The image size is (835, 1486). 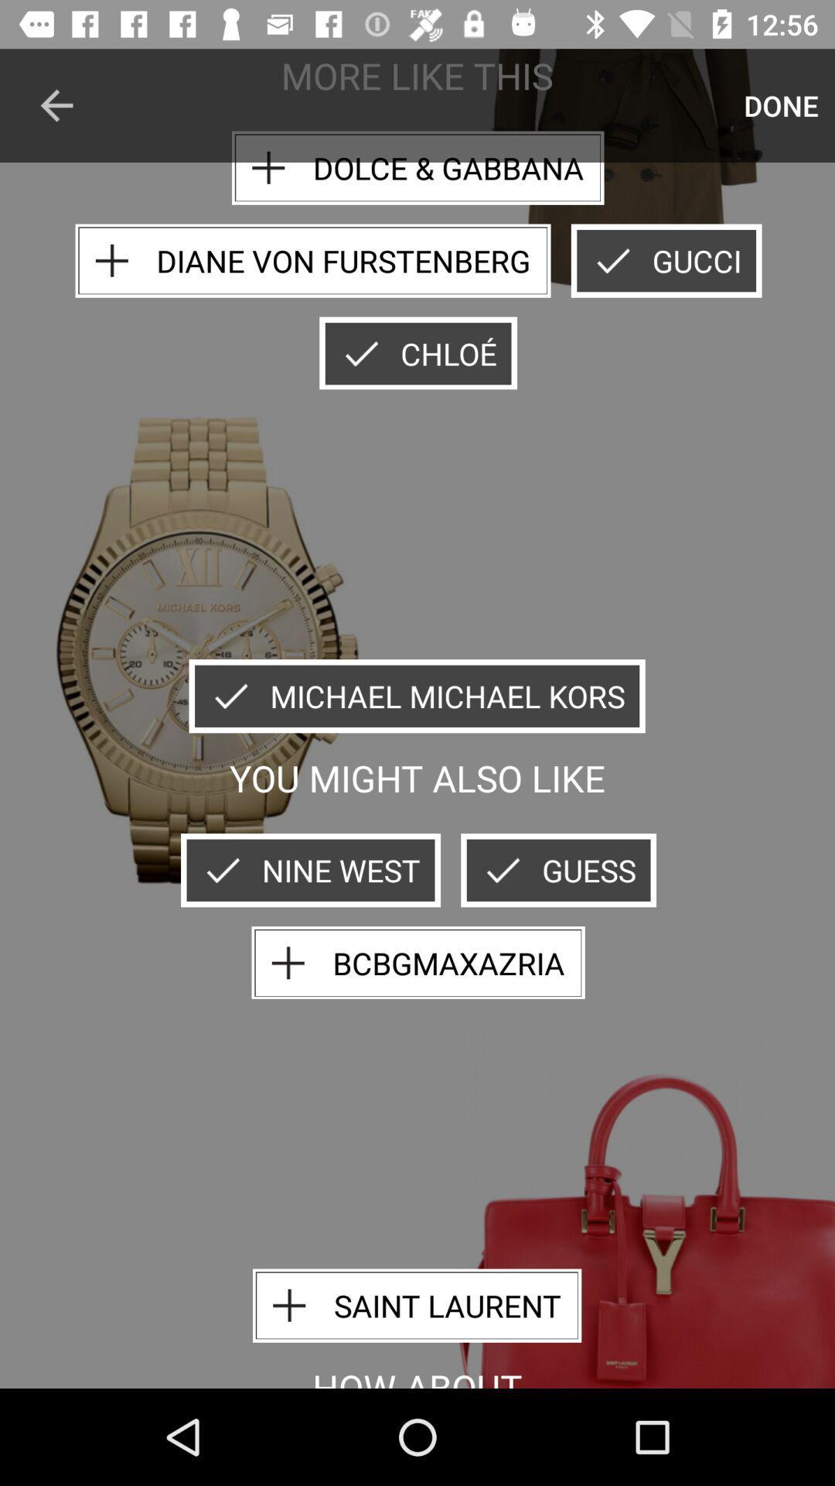 What do you see at coordinates (666, 261) in the screenshot?
I see `gucci` at bounding box center [666, 261].